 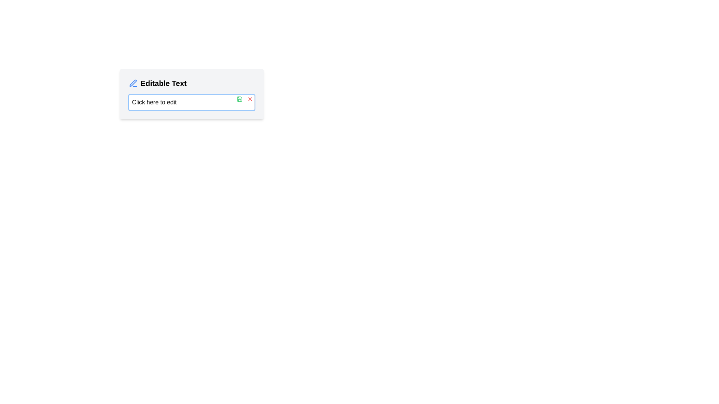 What do you see at coordinates (250, 99) in the screenshot?
I see `the close button located at the top-right corner of the 'Editable Text' input area` at bounding box center [250, 99].